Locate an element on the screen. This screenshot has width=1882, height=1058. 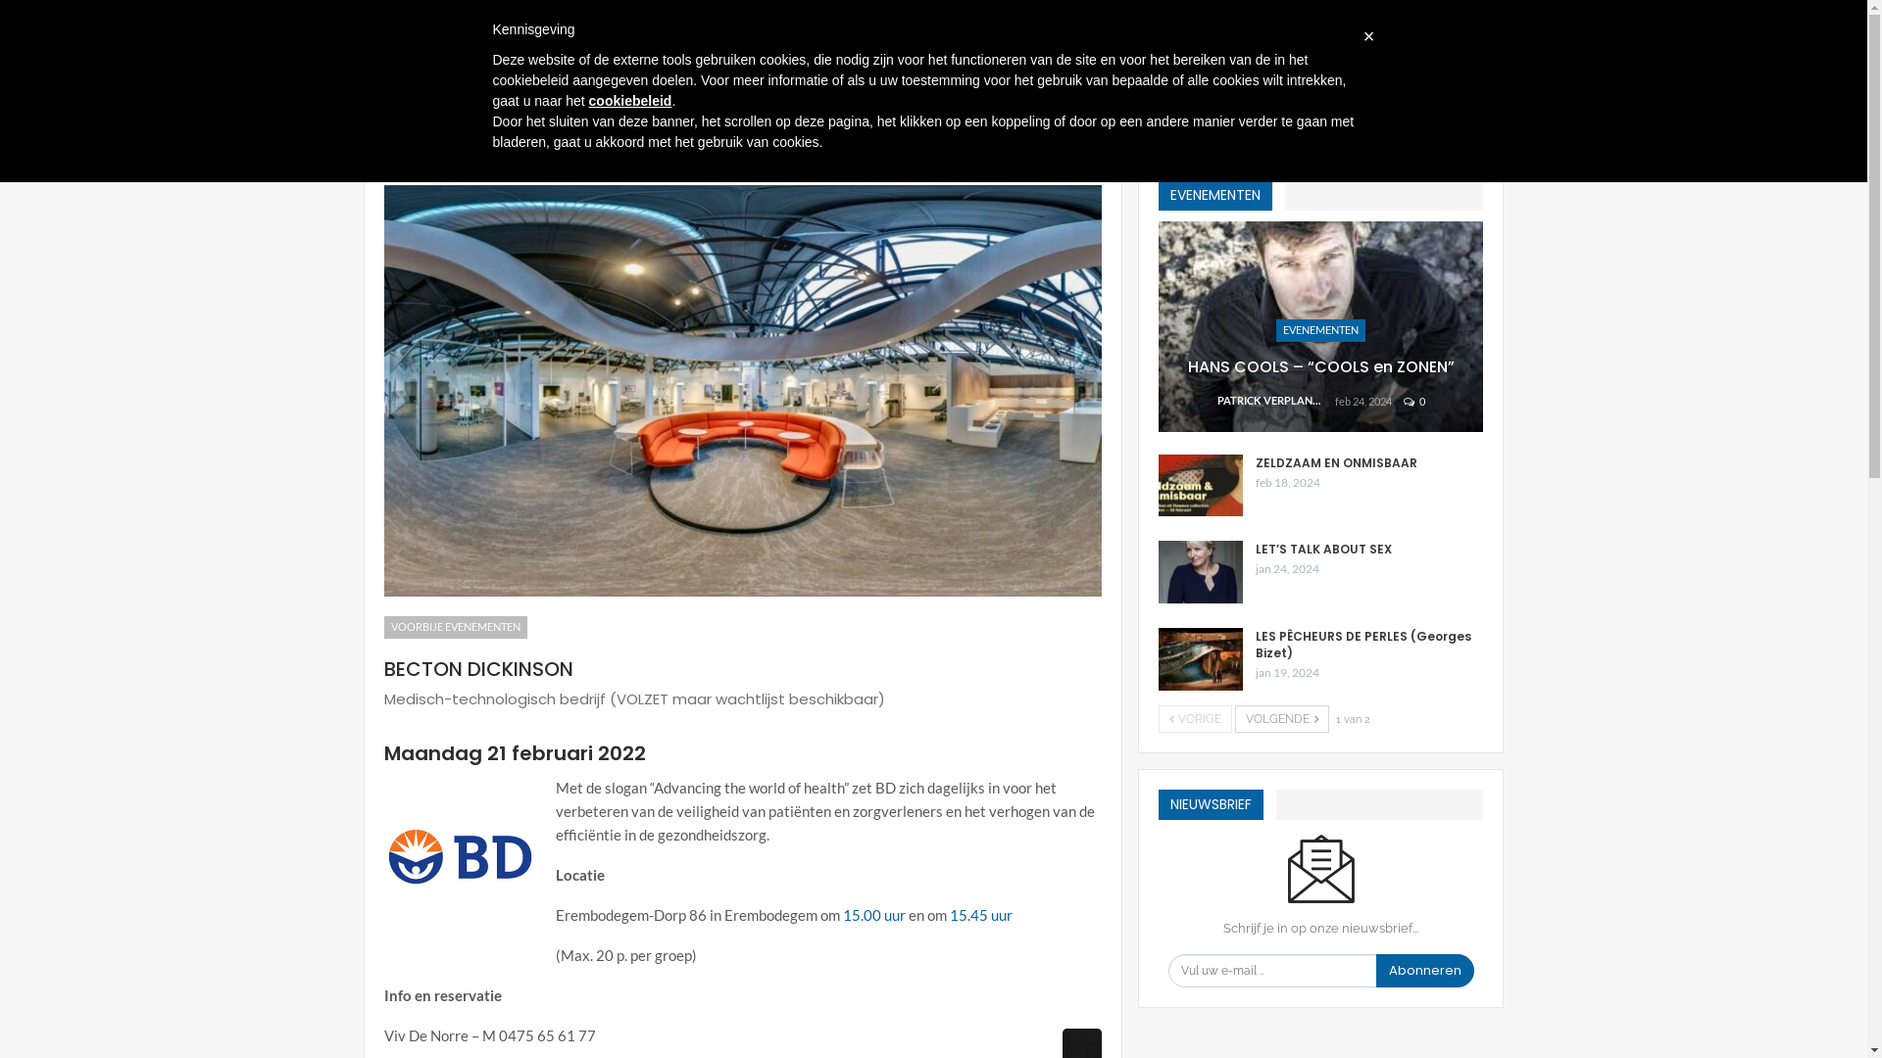
'VORIGE' is located at coordinates (1194, 718).